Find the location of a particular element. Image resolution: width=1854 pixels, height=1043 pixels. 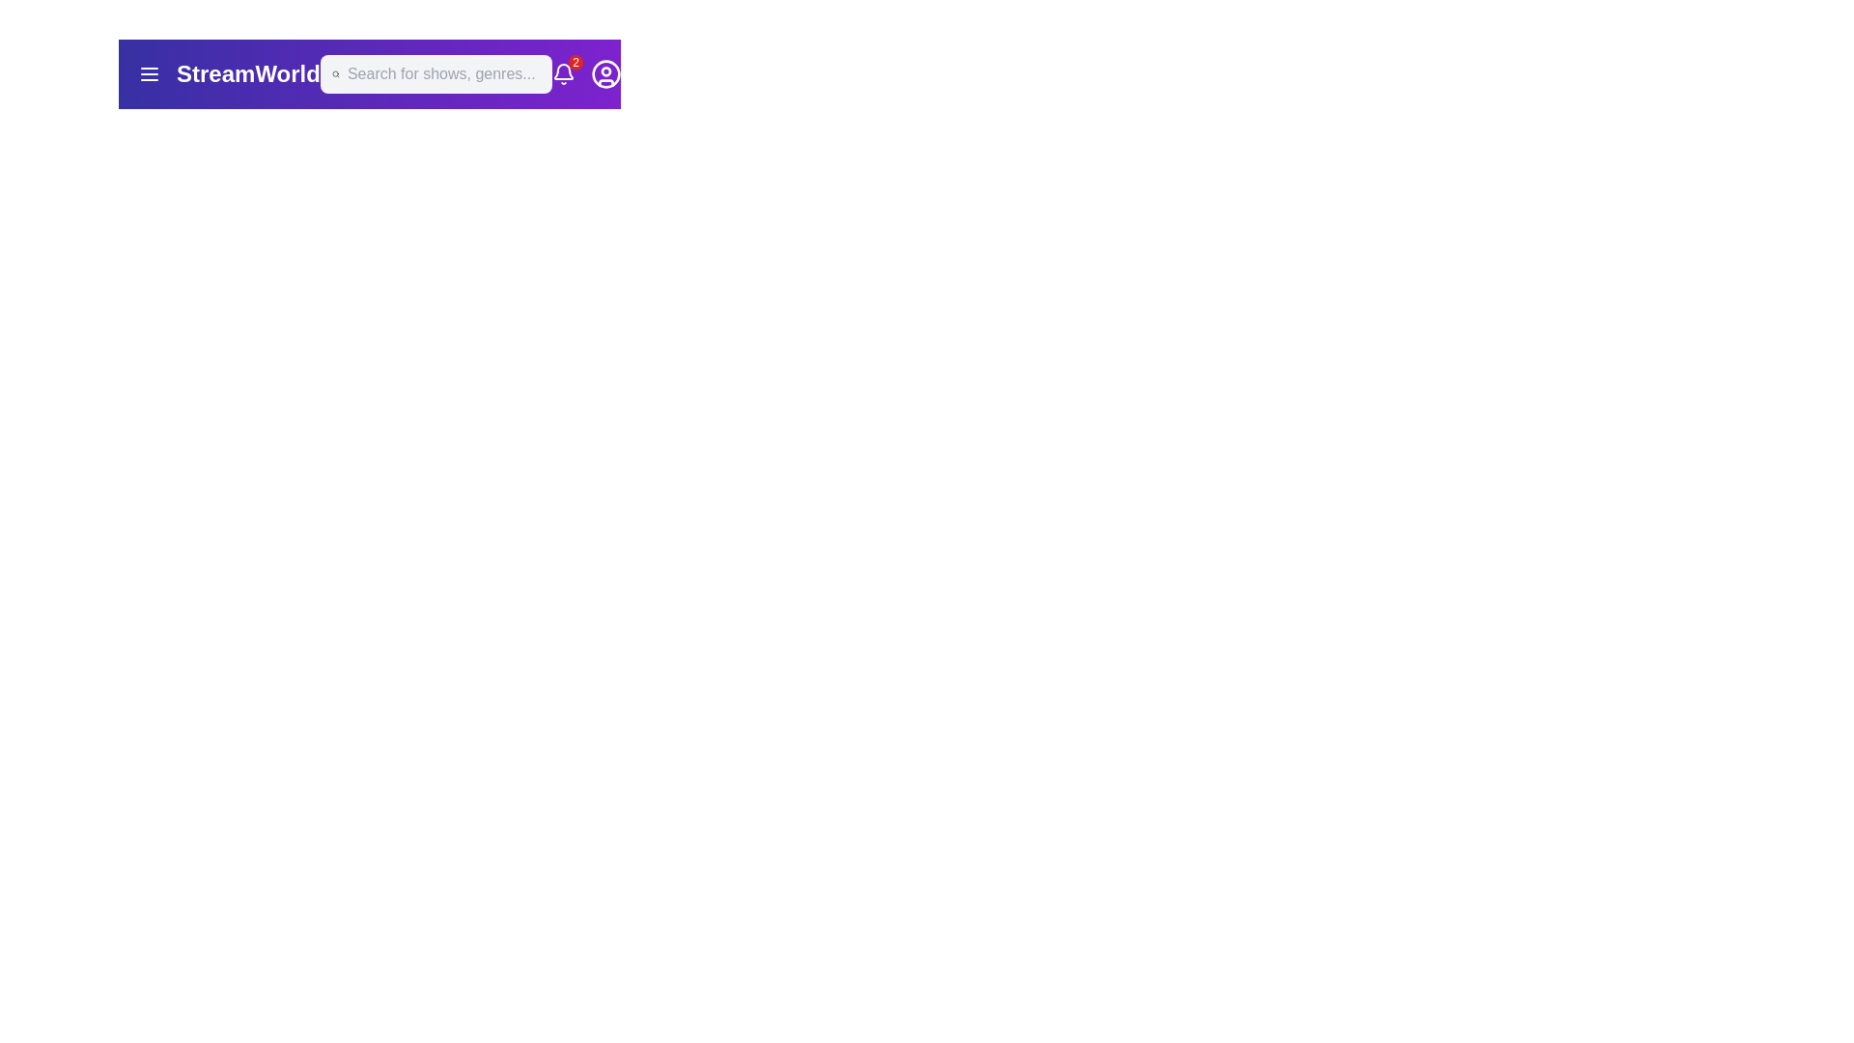

the outermost SVG Circle in the top-right corner of the navigation bar, which is part of the user profile icon is located at coordinates (604, 73).